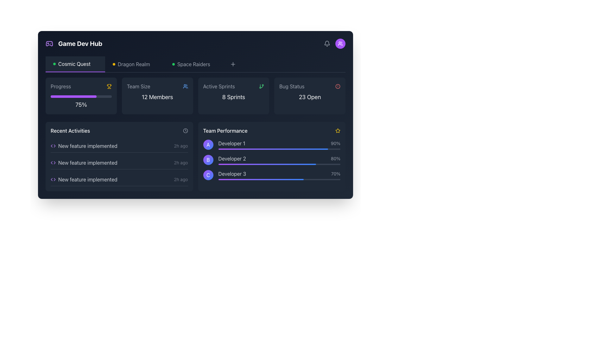 Image resolution: width=608 pixels, height=342 pixels. Describe the element at coordinates (273, 149) in the screenshot. I see `the progress bar for 'Developer 2' in the 'Team Performance' section, which is a horizontal gradient bar transitioning from purple to blue, set against a gray background` at that location.